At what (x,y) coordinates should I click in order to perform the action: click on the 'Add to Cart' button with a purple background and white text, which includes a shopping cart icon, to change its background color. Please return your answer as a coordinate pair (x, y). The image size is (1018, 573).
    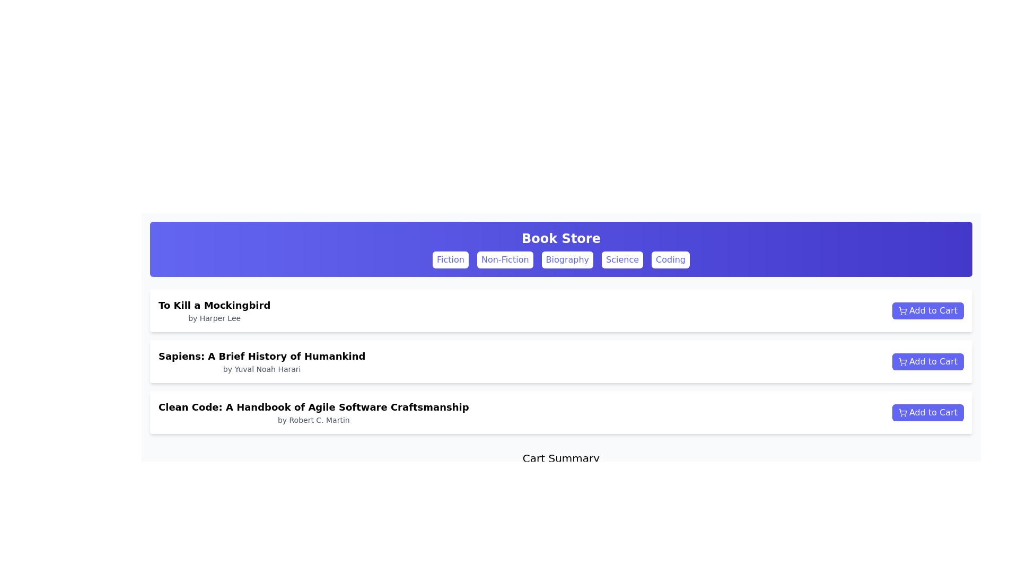
    Looking at the image, I should click on (927, 310).